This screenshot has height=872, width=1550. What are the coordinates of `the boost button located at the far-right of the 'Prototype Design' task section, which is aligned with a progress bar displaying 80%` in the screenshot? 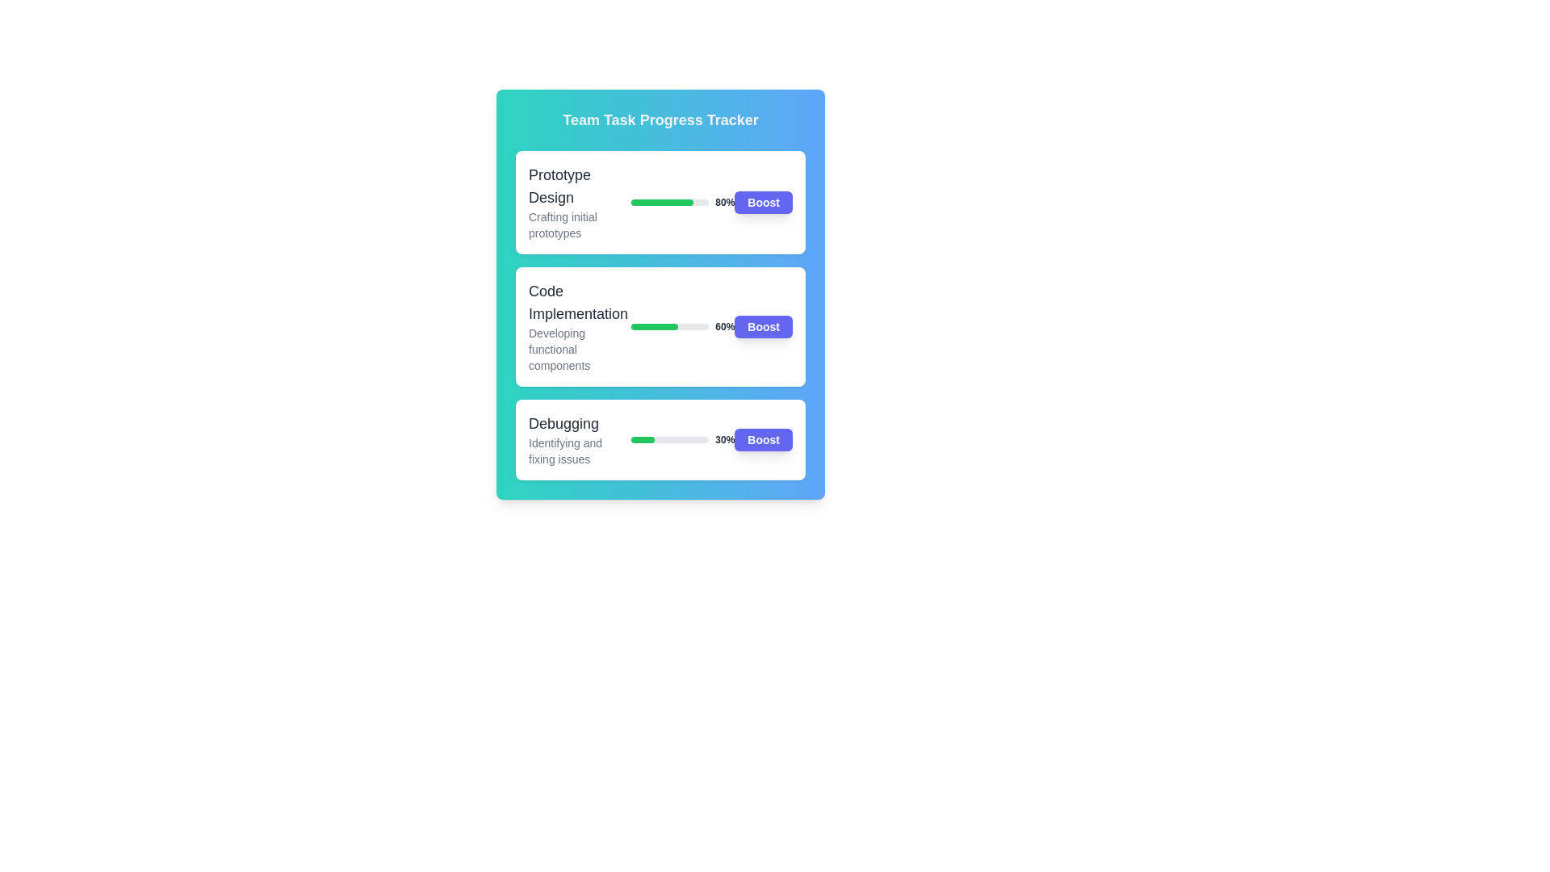 It's located at (763, 201).